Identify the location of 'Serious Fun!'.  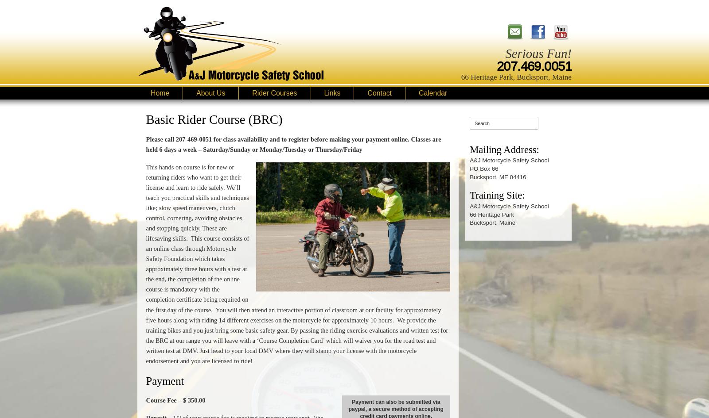
(538, 53).